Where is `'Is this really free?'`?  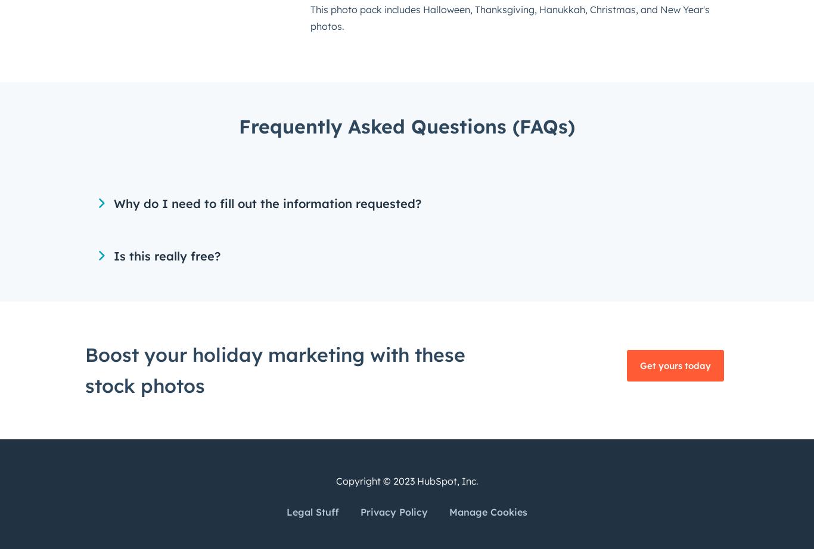 'Is this really free?' is located at coordinates (167, 256).